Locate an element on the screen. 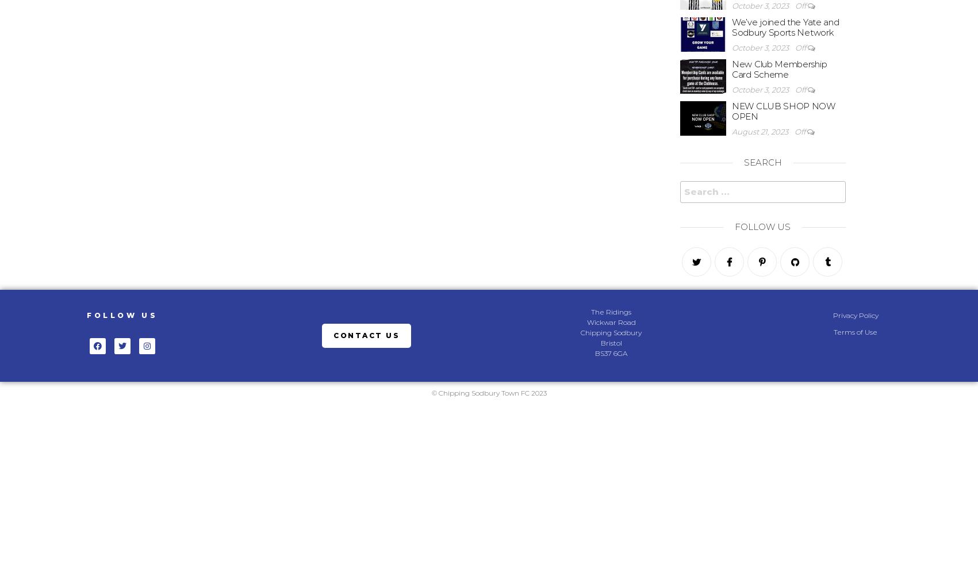  'New Club Membership Card Scheme' is located at coordinates (778, 68).